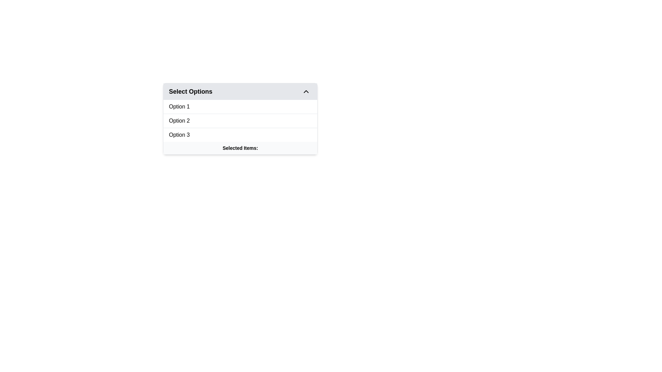 This screenshot has height=372, width=662. I want to click on the dropdown menu item labeled 'Option 2', so click(179, 121).